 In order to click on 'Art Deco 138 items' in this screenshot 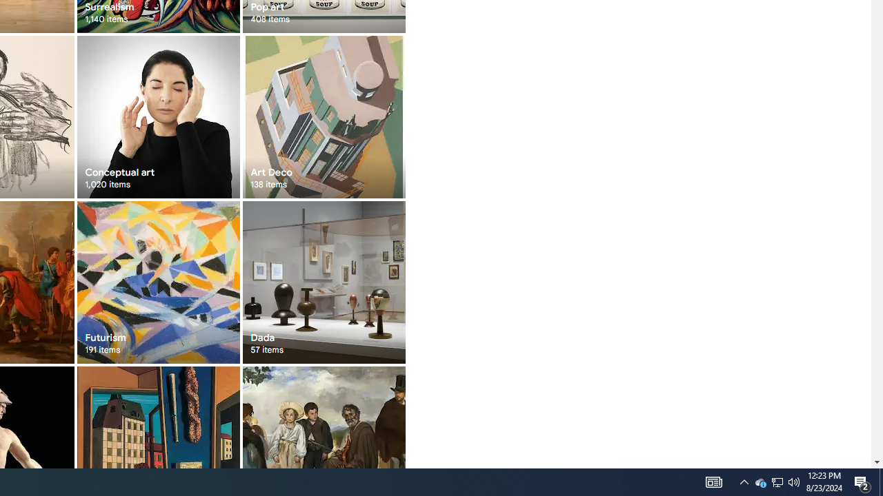, I will do `click(323, 116)`.